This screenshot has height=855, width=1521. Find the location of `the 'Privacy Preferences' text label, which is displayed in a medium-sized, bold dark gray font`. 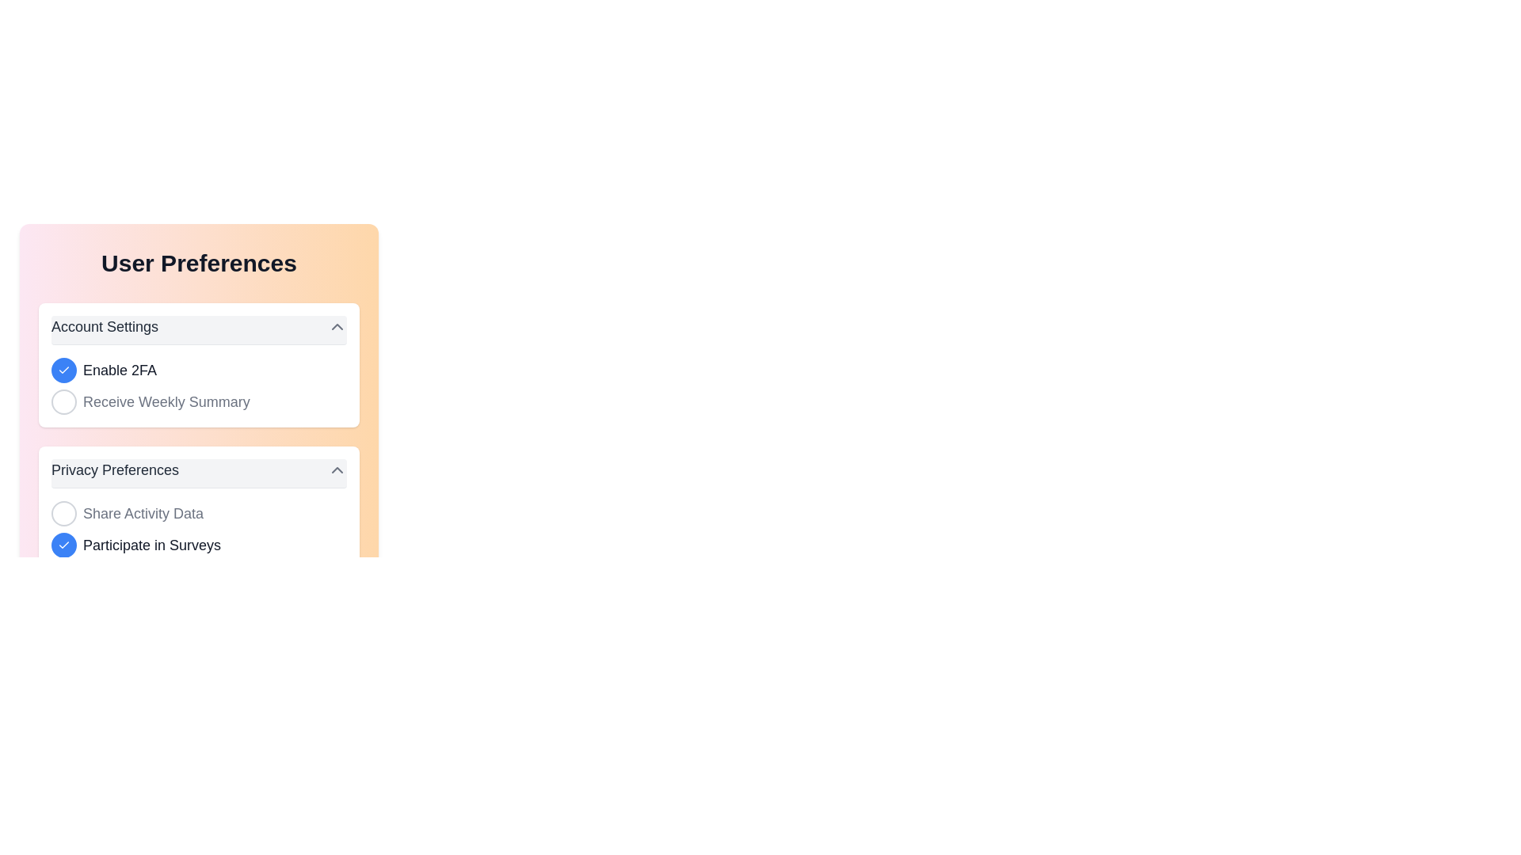

the 'Privacy Preferences' text label, which is displayed in a medium-sized, bold dark gray font is located at coordinates (114, 469).